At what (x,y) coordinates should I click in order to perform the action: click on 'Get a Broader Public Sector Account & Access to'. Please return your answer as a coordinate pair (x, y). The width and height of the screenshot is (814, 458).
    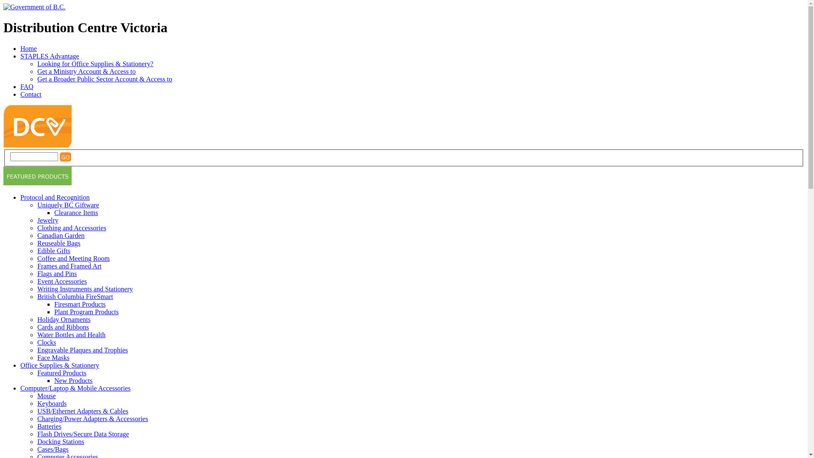
    Looking at the image, I should click on (104, 79).